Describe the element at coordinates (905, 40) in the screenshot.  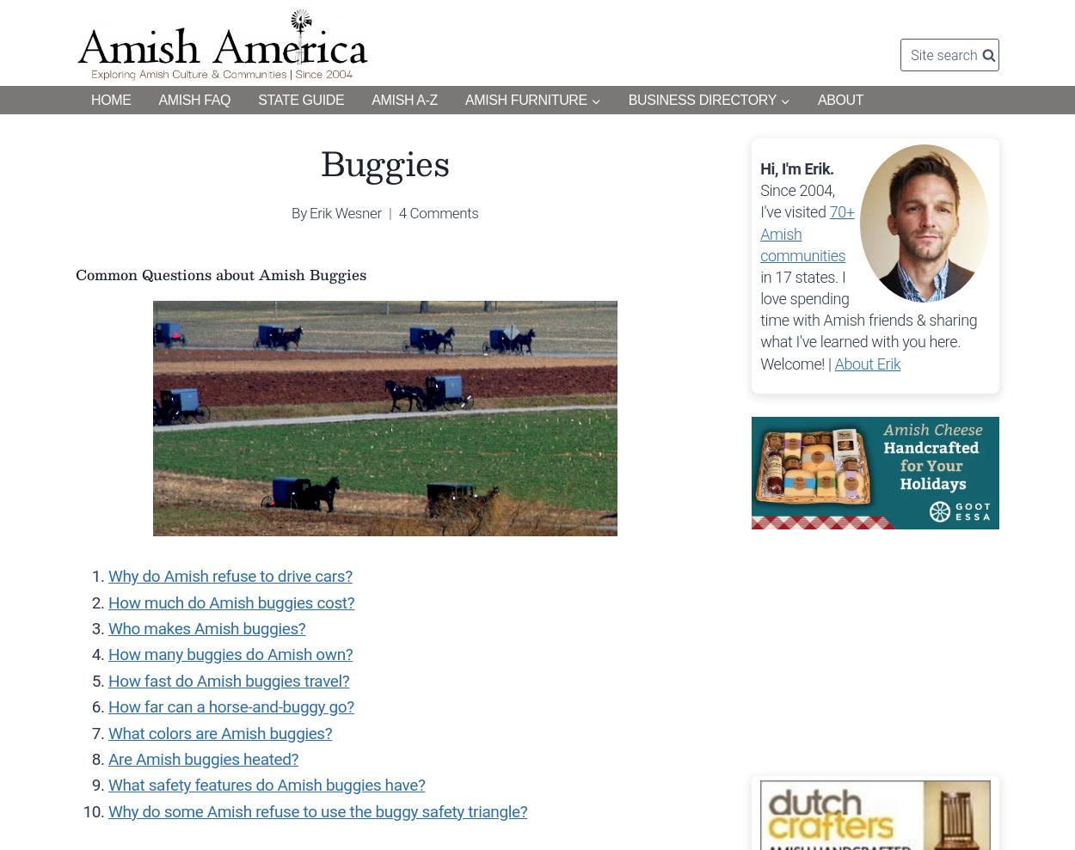
I see `'Sign up'` at that location.